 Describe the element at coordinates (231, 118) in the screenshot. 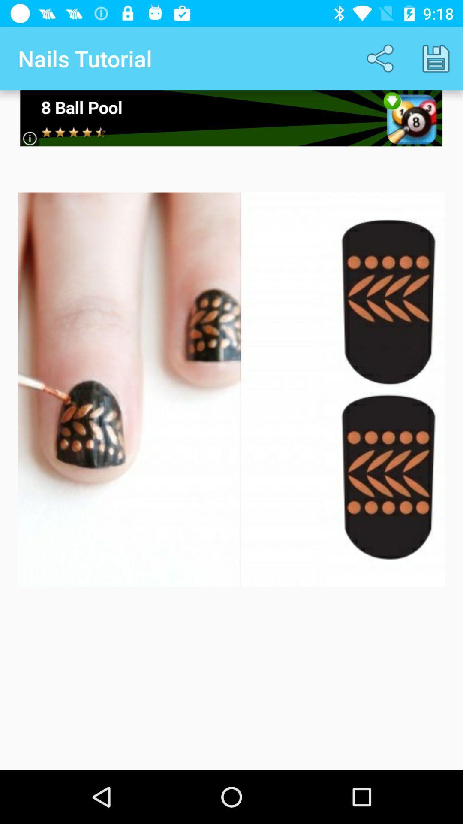

I see `this is an advertisement` at that location.